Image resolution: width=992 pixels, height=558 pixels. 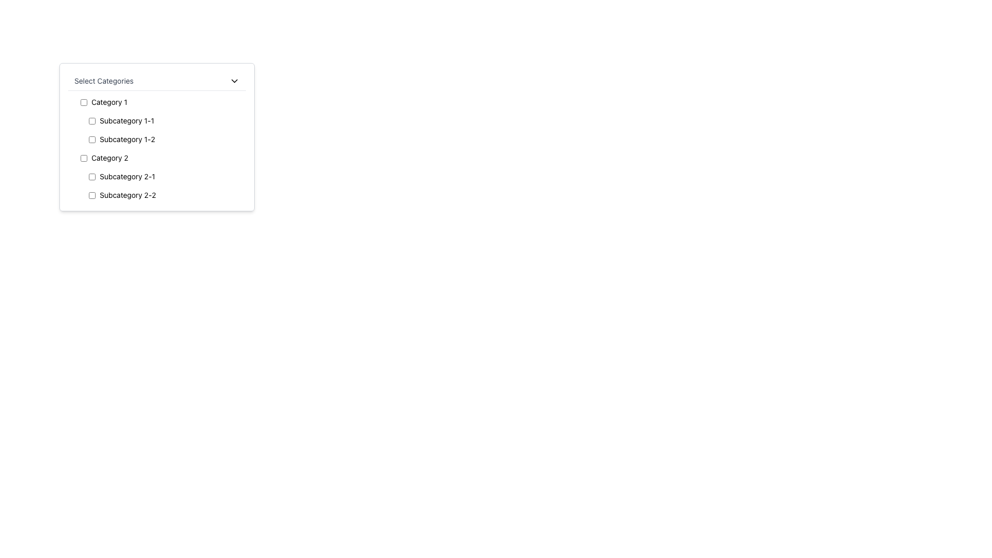 I want to click on the checkbox for 'Category 1' located, so click(x=84, y=102).